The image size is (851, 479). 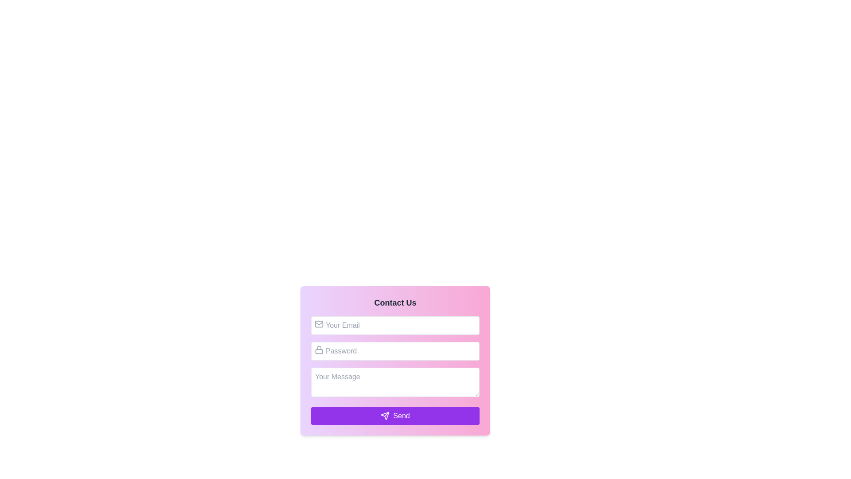 What do you see at coordinates (395, 416) in the screenshot?
I see `the submit button located at the bottom of the 'Contact Us' form` at bounding box center [395, 416].